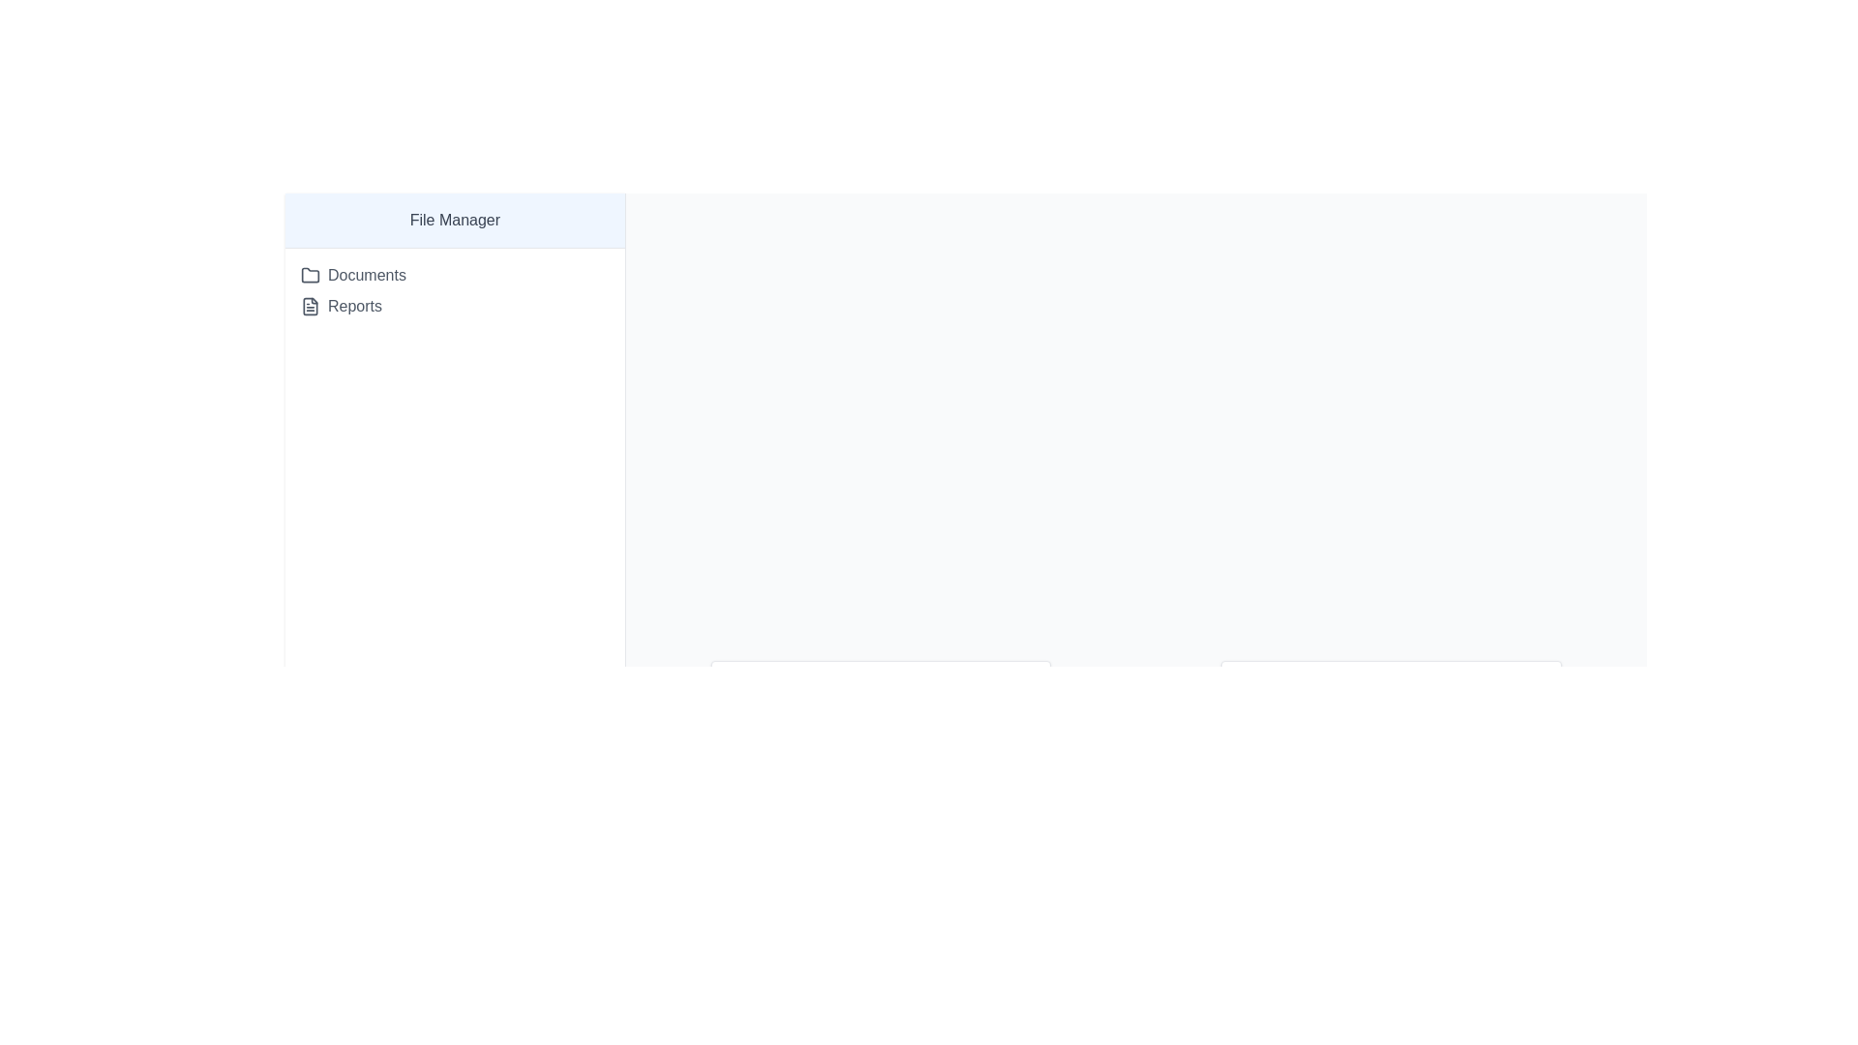  I want to click on the Text Label that serves as a title or label for the section containing navigational or file-related features, located at the top of the columnar section, so click(454, 220).